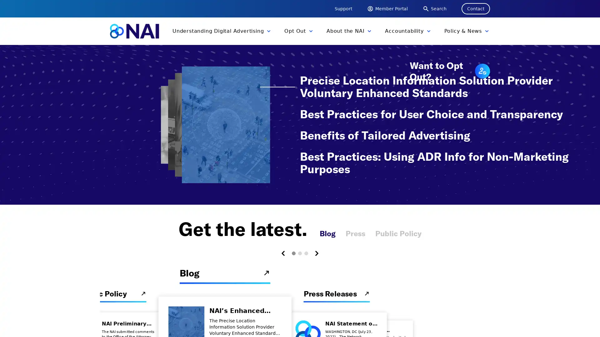 Image resolution: width=600 pixels, height=337 pixels. I want to click on Press, so click(355, 233).